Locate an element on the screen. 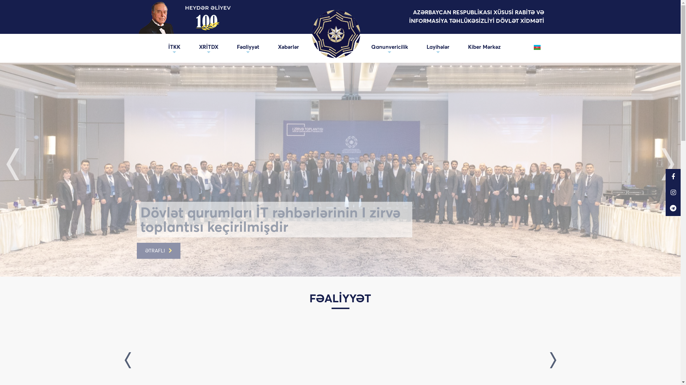  'Qanunvericilik' is located at coordinates (389, 47).